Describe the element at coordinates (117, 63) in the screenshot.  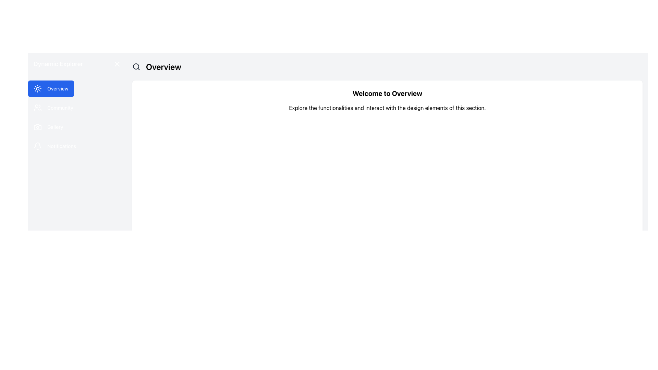
I see `the toggle button located at the top bar, right side of 'Dynamic Explorer'` at that location.